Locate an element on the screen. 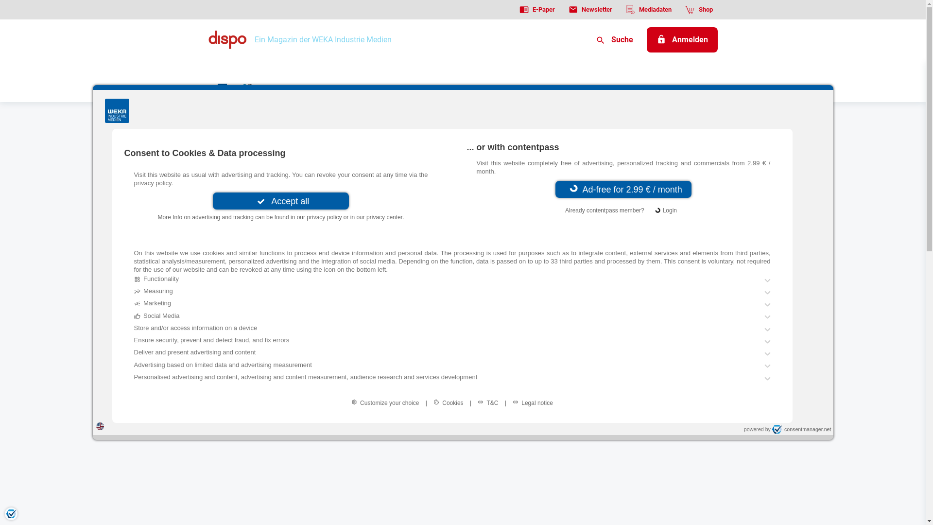 Image resolution: width=933 pixels, height=525 pixels. 'Mediadaten' is located at coordinates (648, 9).